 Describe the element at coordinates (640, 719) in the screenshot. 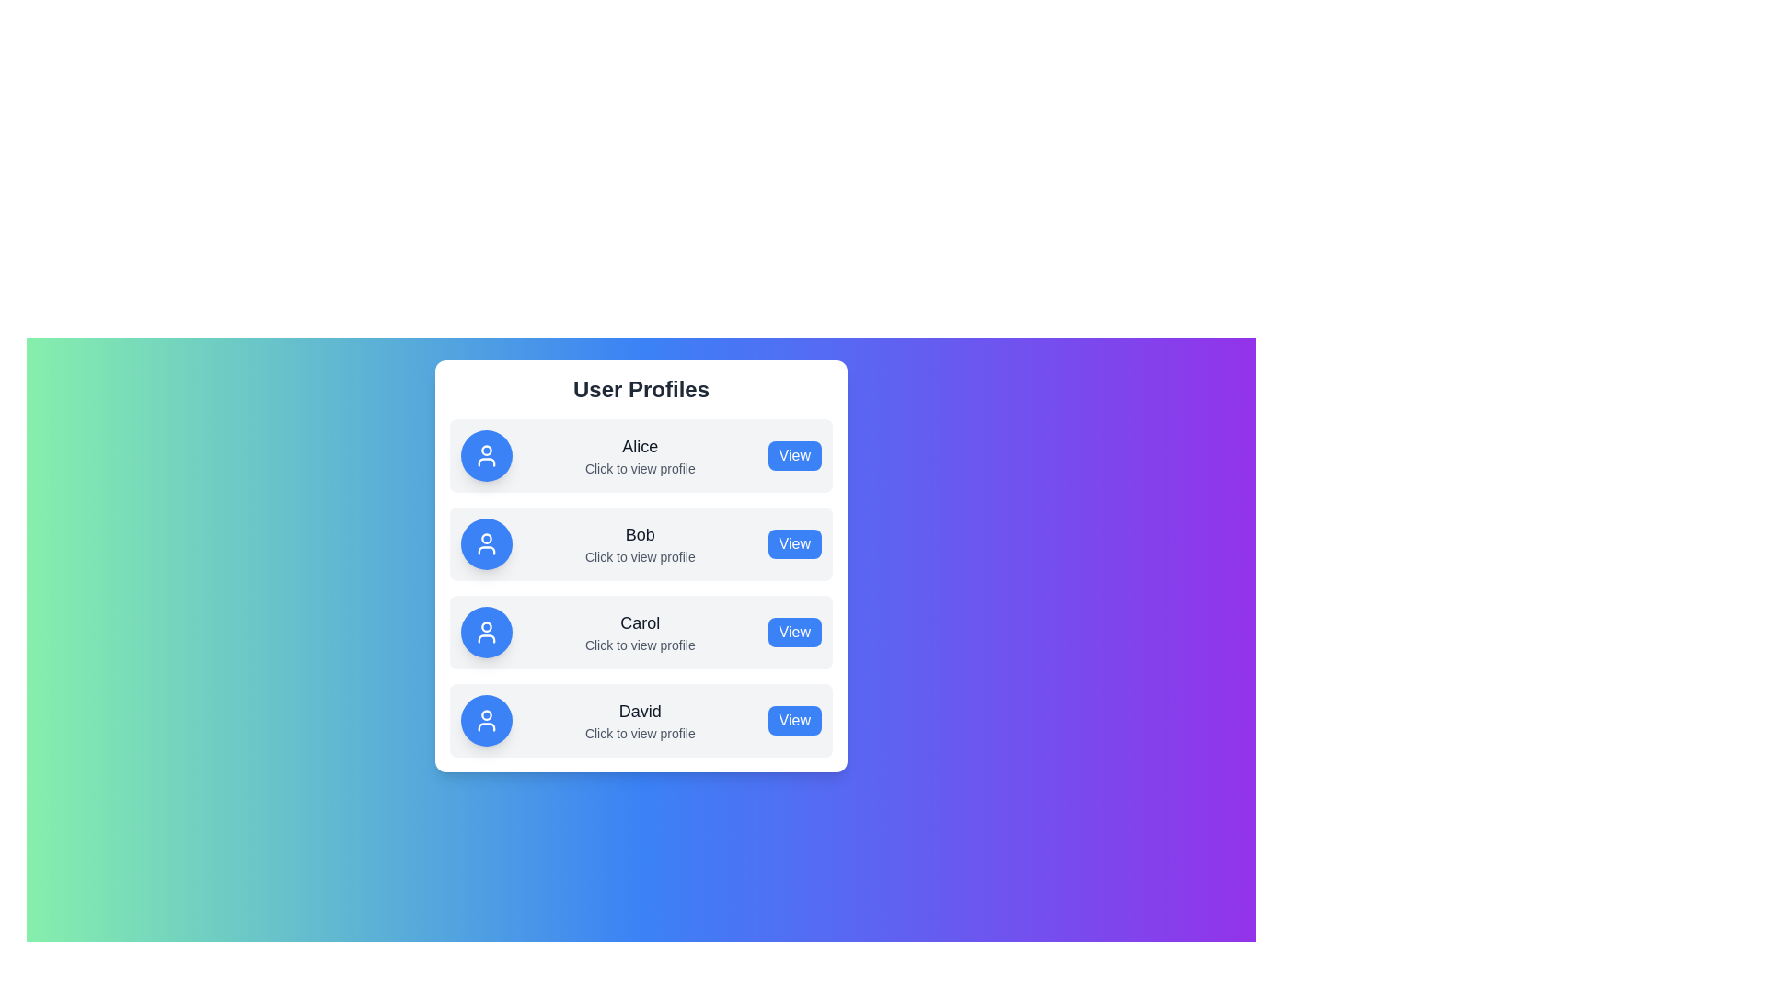

I see `text label that displays the name 'David' and suggests clicking to view further details, which is the fourth item in the user profile list` at that location.